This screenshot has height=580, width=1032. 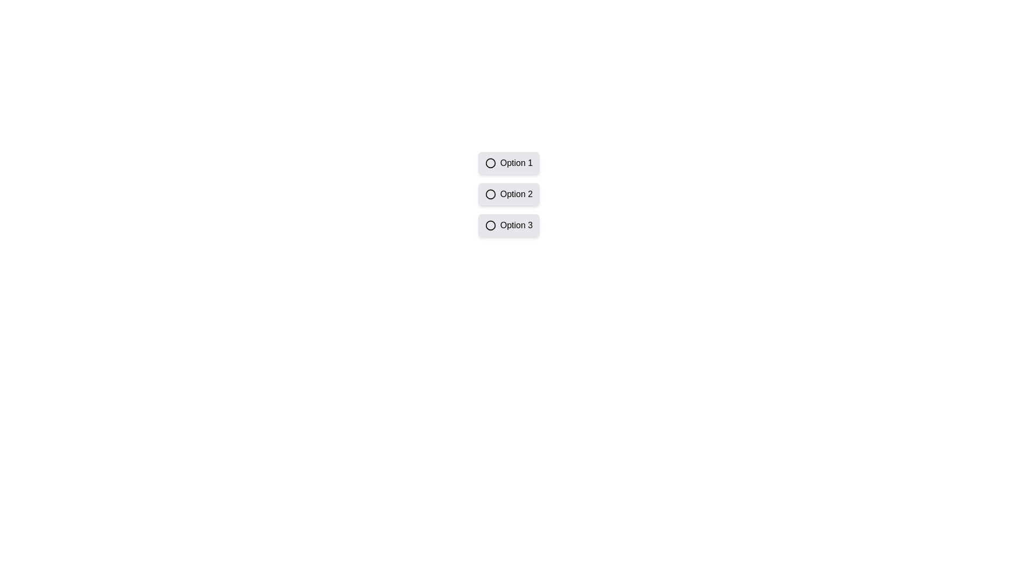 I want to click on the text label within the button labeled 'Option 2', which indicates its purpose in the option group, so click(x=516, y=194).